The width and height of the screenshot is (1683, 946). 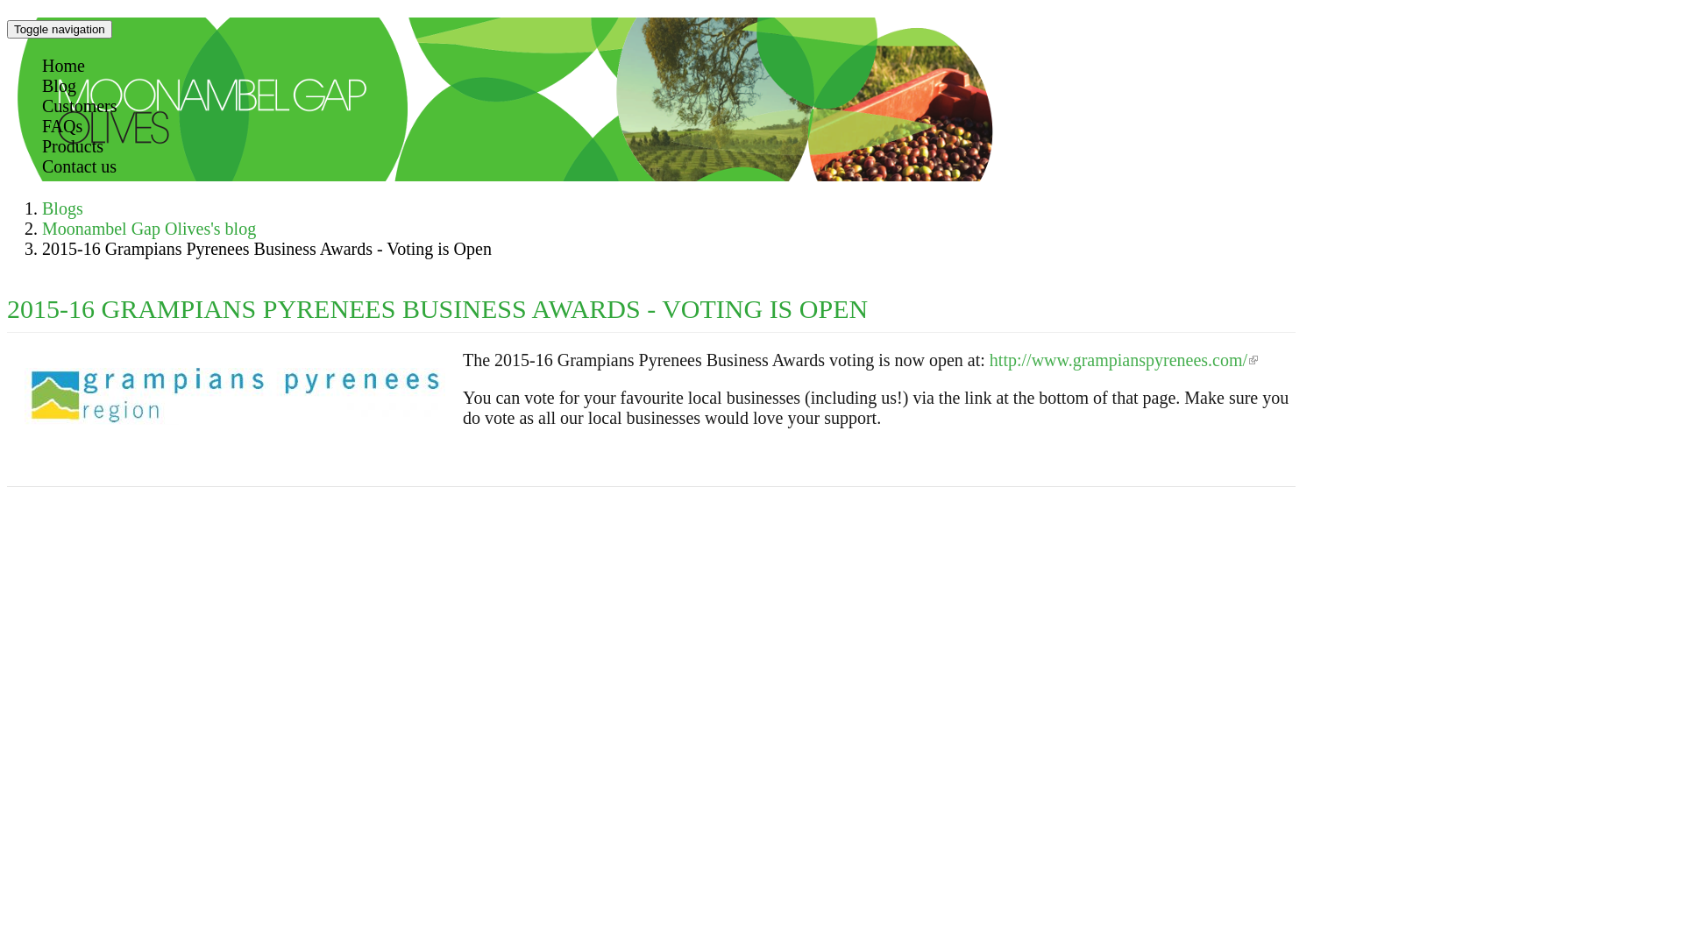 What do you see at coordinates (63, 64) in the screenshot?
I see `'Home'` at bounding box center [63, 64].